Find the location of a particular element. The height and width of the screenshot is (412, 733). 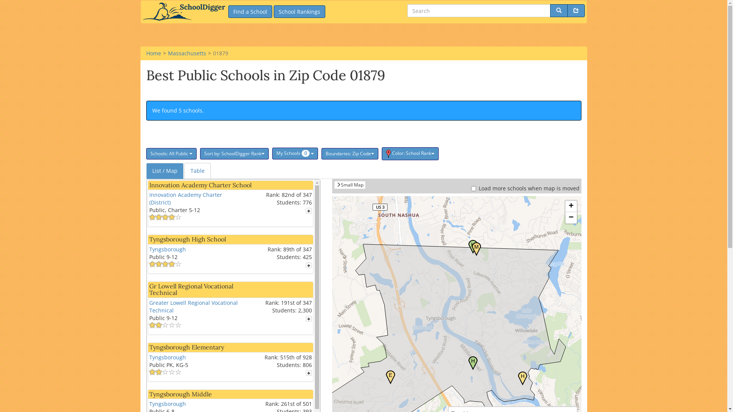

'Tyngsborough High School' is located at coordinates (187, 239).